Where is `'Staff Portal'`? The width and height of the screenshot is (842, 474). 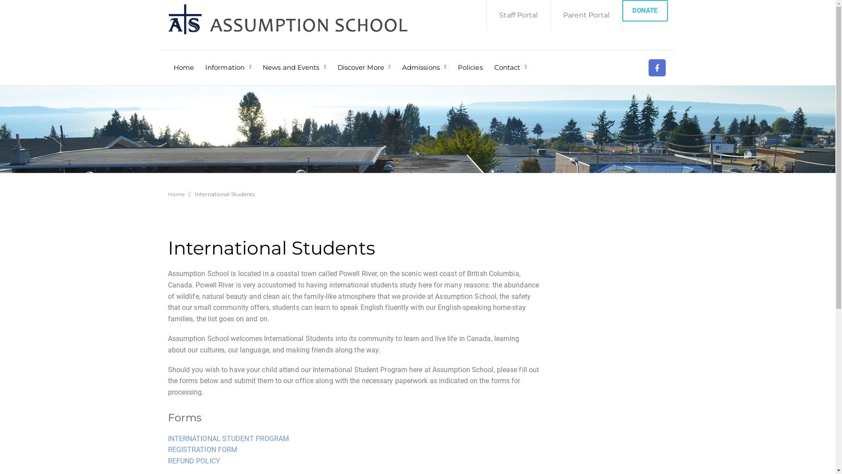 'Staff Portal' is located at coordinates (518, 15).